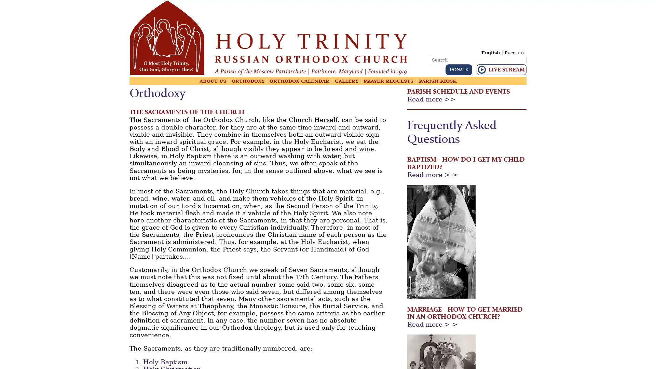 The width and height of the screenshot is (656, 369). What do you see at coordinates (525, 55) in the screenshot?
I see `Search` at bounding box center [525, 55].